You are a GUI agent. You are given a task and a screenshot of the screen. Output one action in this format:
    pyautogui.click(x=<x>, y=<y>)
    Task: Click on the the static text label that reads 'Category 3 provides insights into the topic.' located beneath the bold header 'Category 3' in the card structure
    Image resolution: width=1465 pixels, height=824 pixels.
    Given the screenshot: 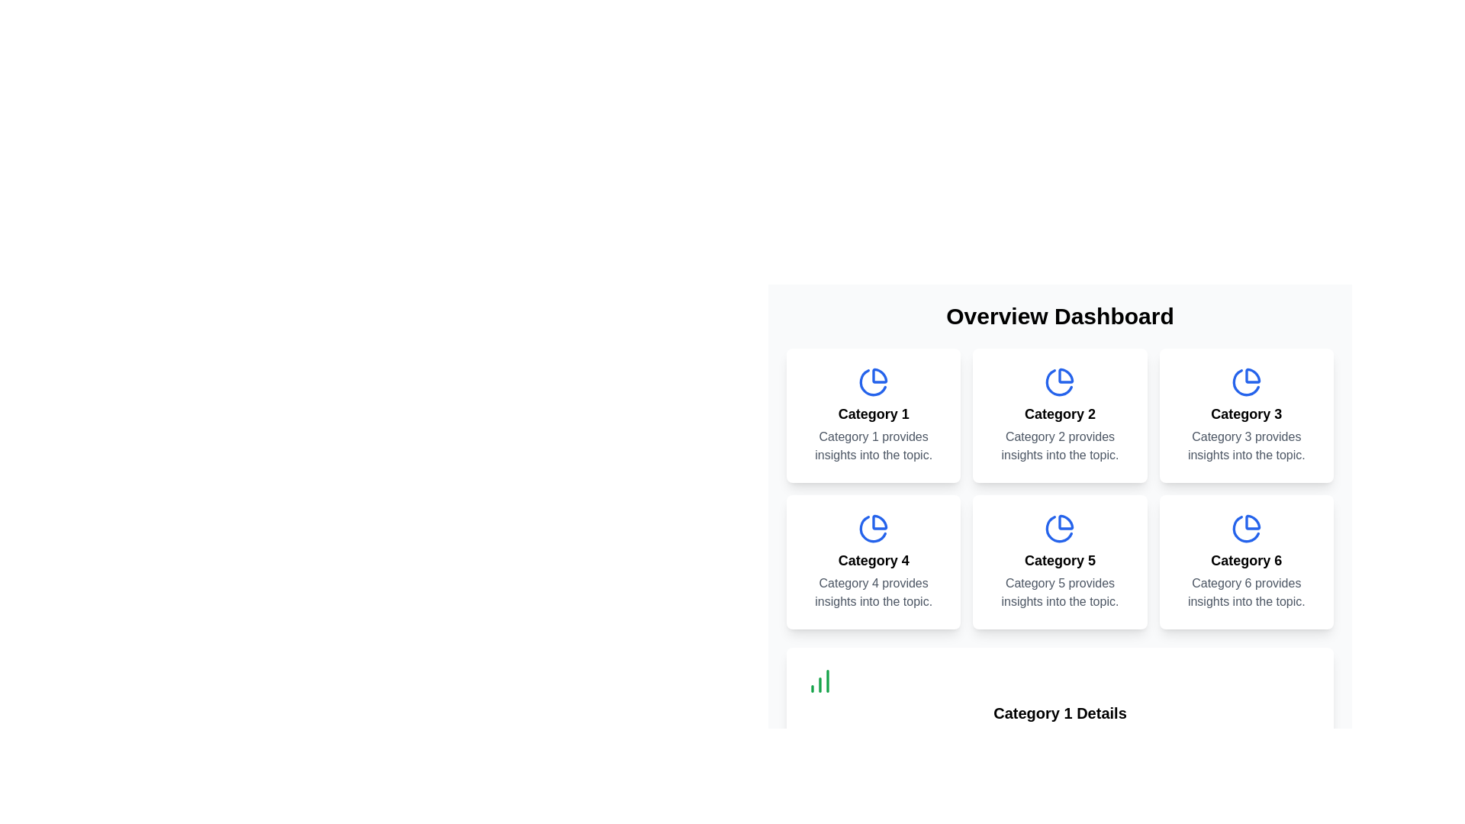 What is the action you would take?
    pyautogui.click(x=1246, y=446)
    